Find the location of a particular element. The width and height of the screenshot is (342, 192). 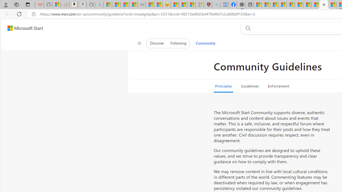

'Principles' is located at coordinates (224, 86).